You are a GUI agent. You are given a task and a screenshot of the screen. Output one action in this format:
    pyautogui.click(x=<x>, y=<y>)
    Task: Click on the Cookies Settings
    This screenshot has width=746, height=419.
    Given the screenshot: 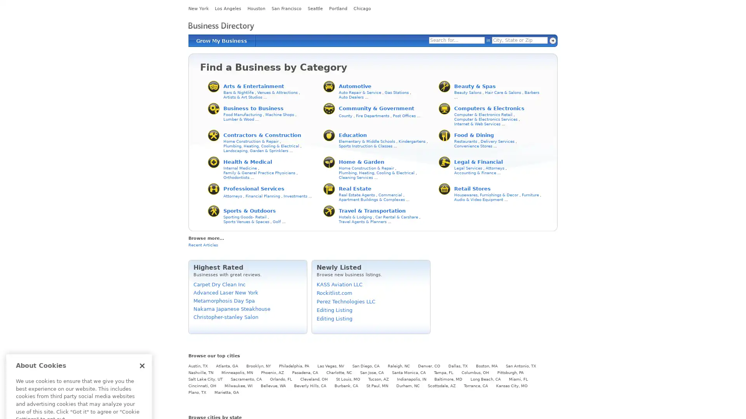 What is the action you would take?
    pyautogui.click(x=79, y=389)
    